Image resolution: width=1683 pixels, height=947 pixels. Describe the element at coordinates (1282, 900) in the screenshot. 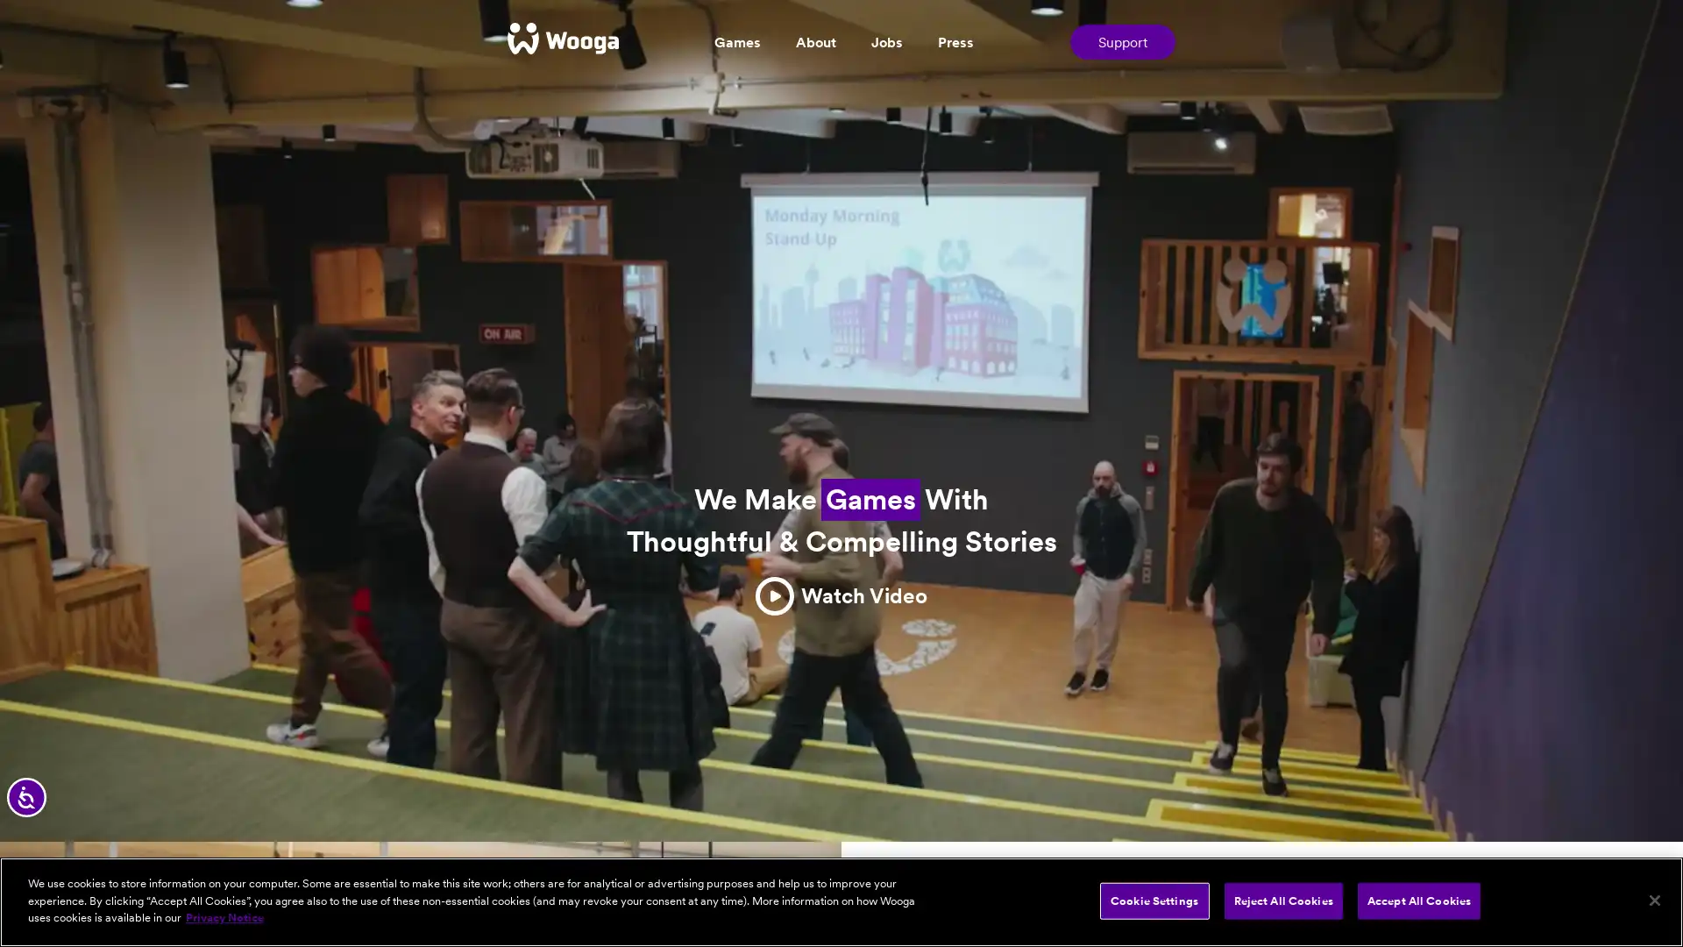

I see `Reject All Cookies` at that location.